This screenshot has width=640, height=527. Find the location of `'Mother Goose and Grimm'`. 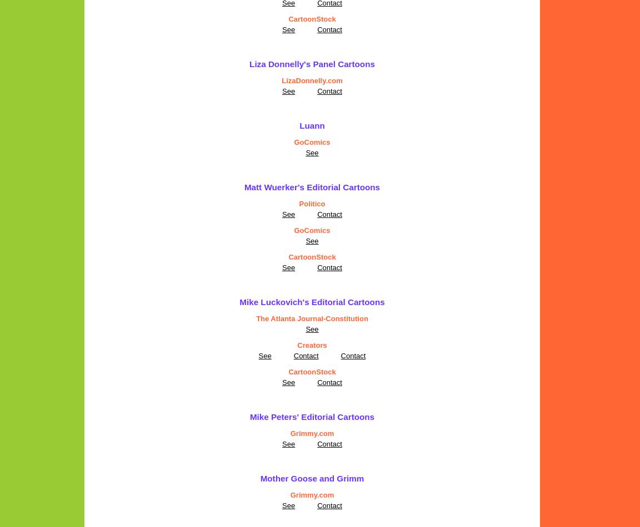

'Mother Goose and Grimm' is located at coordinates (312, 478).